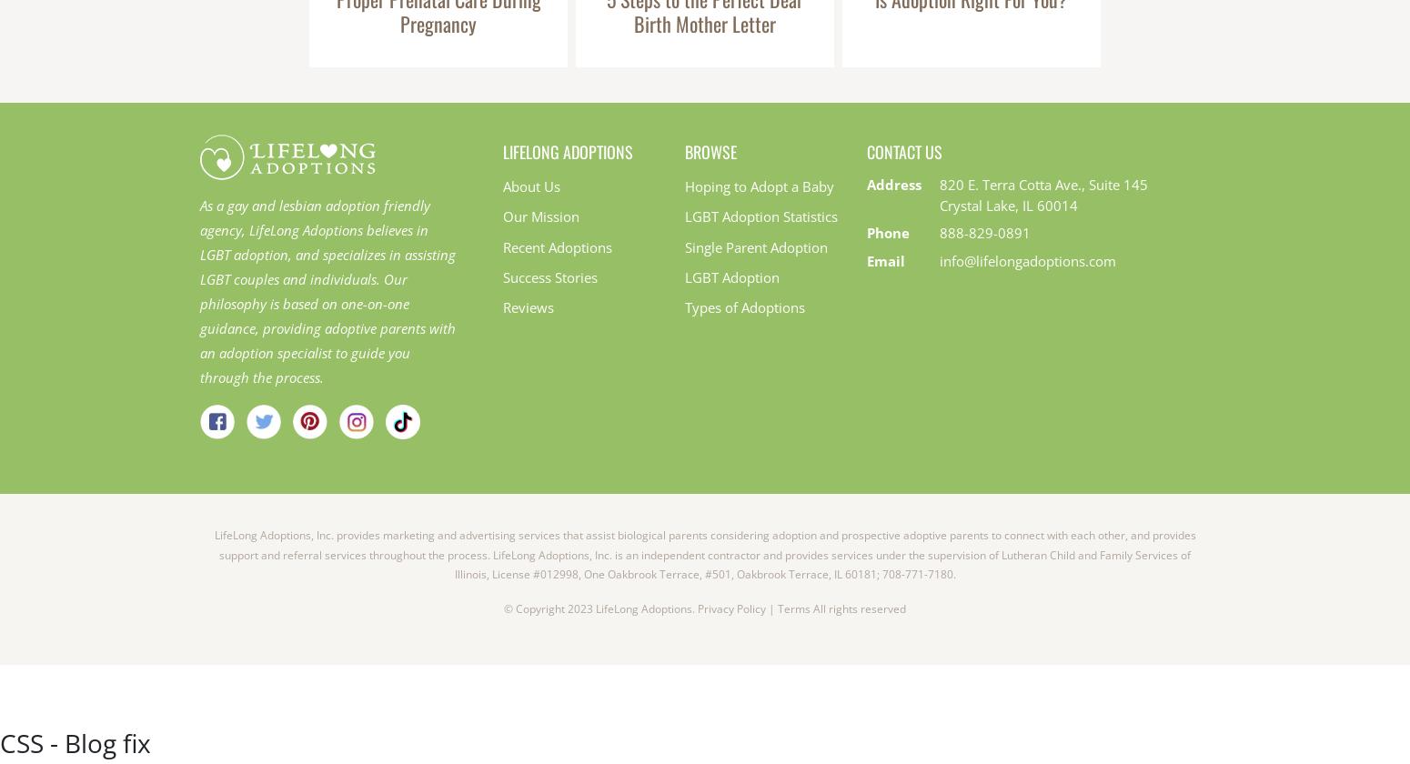 This screenshot has height=764, width=1410. What do you see at coordinates (558, 246) in the screenshot?
I see `'Recent Adoptions'` at bounding box center [558, 246].